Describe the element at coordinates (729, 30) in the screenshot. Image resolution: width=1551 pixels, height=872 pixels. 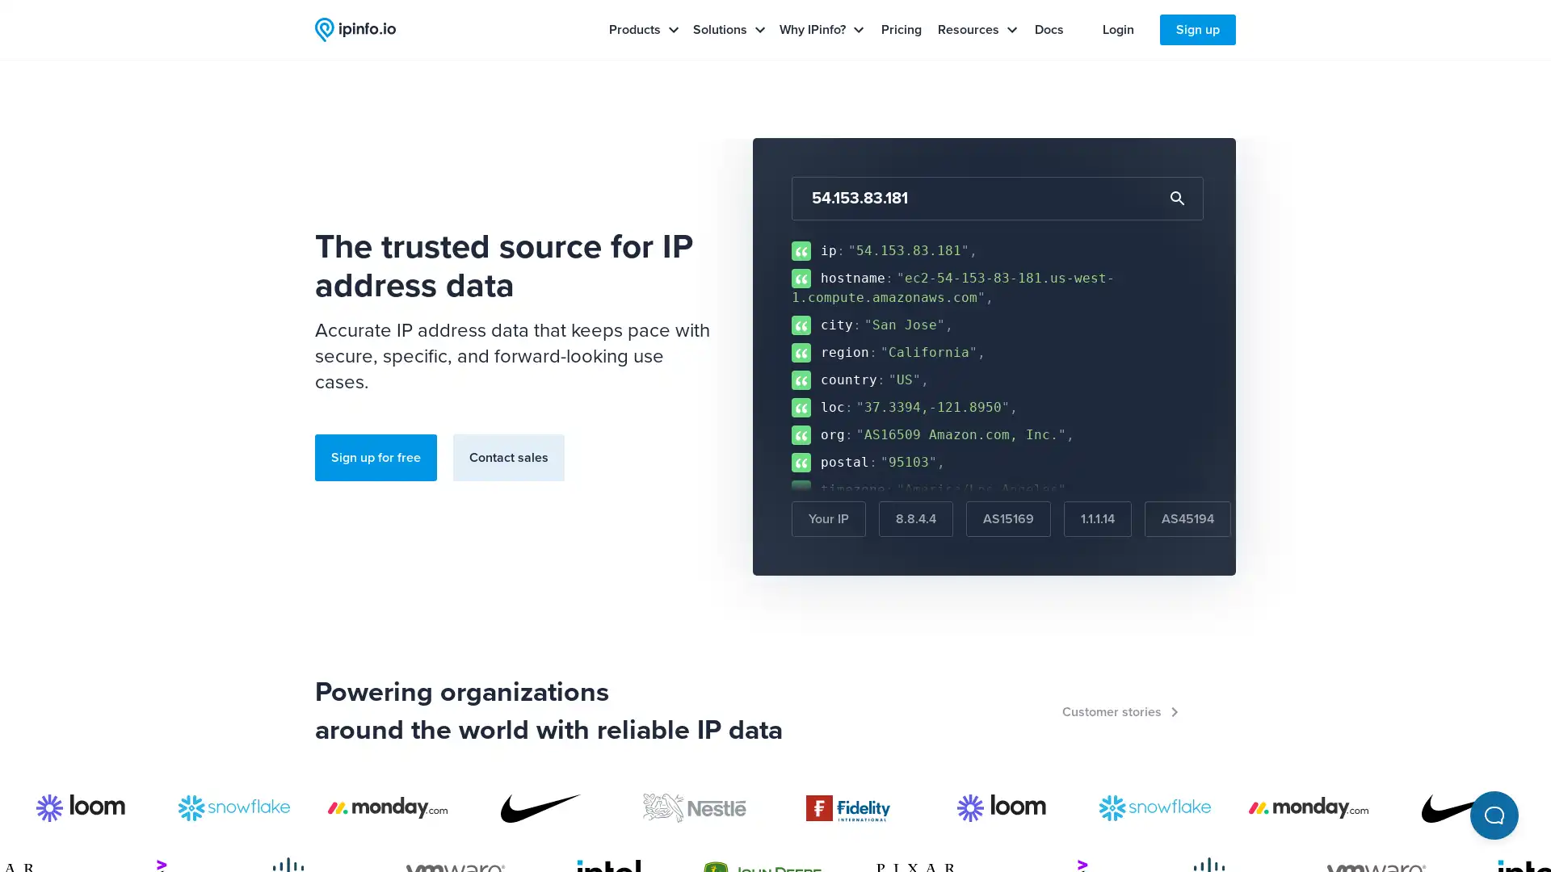
I see `Solutions` at that location.